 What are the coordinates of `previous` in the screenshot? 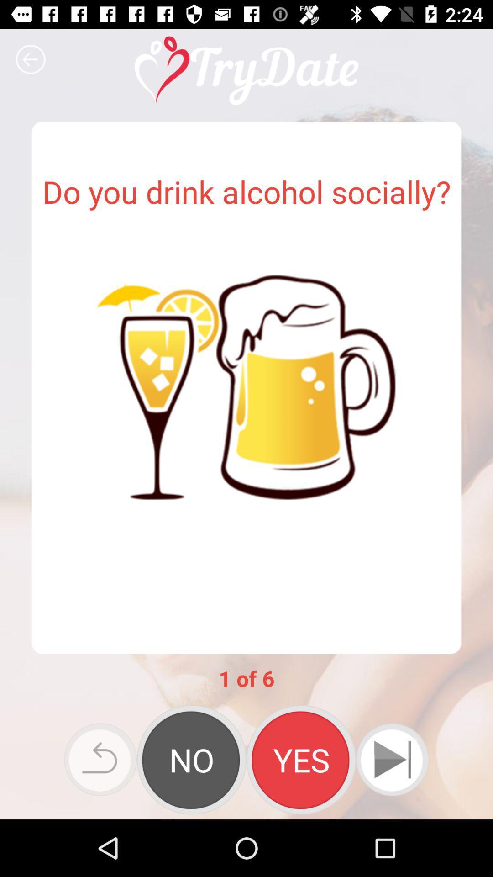 It's located at (100, 760).